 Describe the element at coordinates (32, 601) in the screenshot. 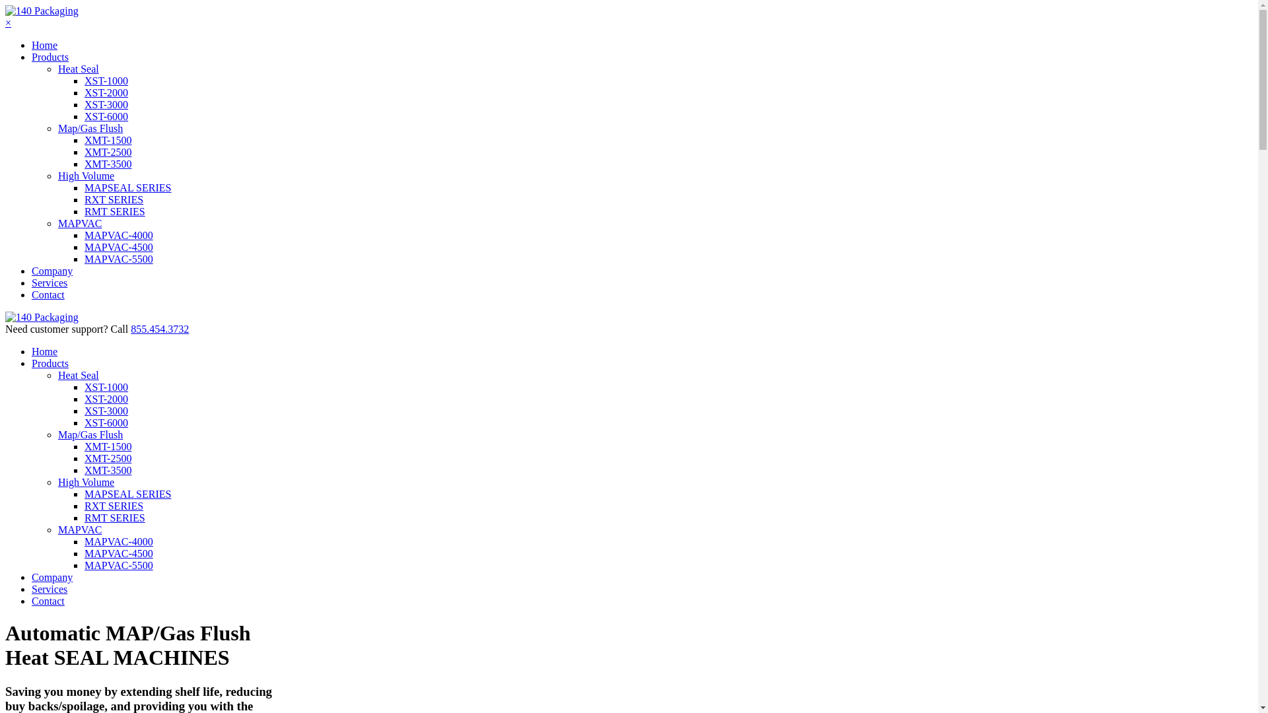

I see `'Contact'` at that location.